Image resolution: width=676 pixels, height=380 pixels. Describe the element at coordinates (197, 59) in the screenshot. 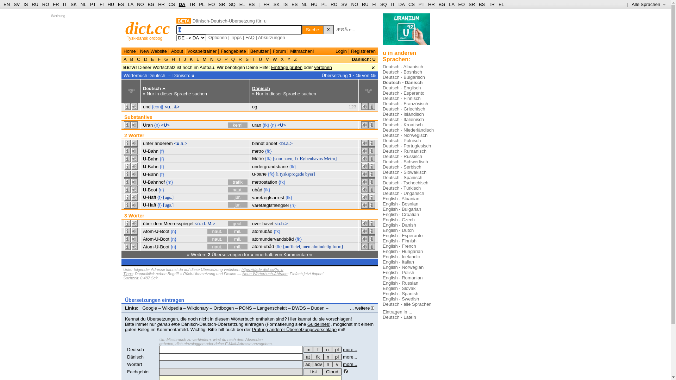

I see `'L'` at that location.